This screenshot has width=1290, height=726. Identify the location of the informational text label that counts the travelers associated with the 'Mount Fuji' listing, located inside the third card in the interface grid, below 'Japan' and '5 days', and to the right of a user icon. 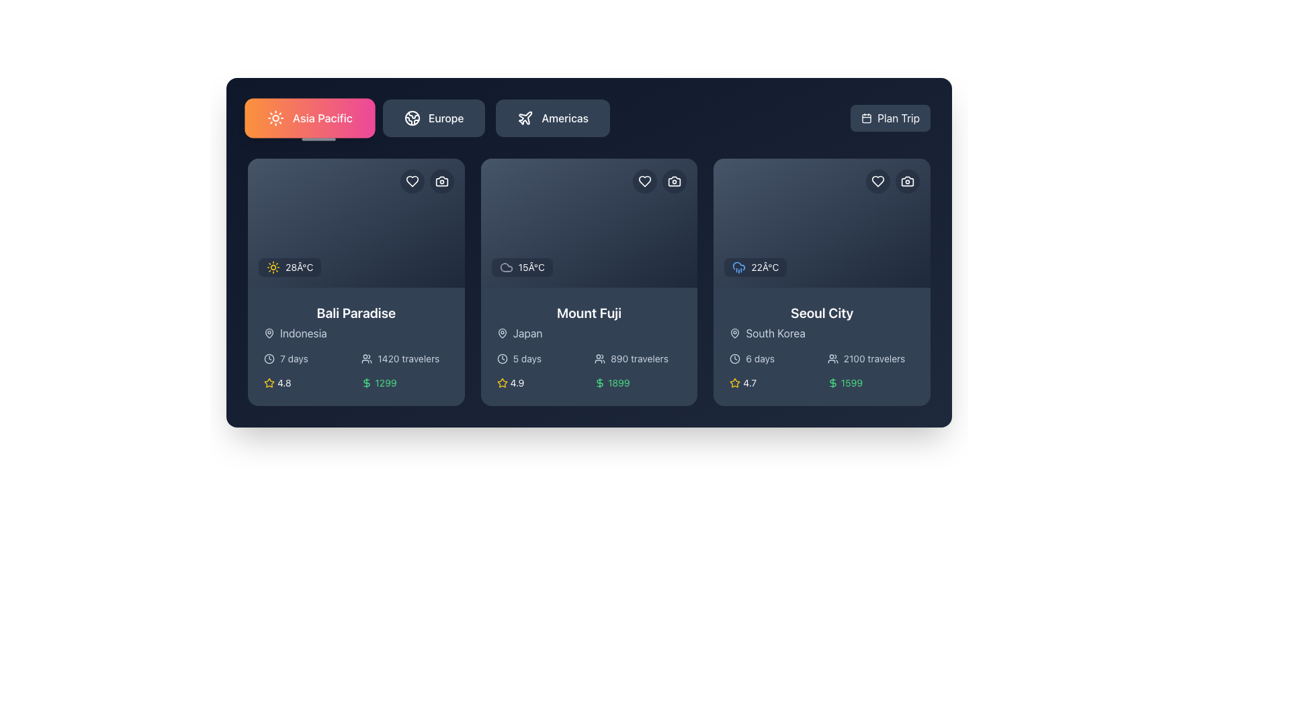
(638, 358).